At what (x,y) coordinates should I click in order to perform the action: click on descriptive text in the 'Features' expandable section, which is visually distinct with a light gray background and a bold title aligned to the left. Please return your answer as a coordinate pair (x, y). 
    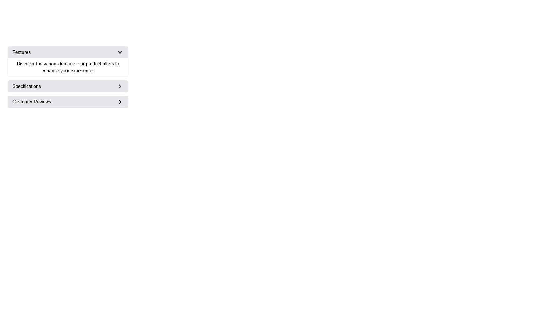
    Looking at the image, I should click on (68, 61).